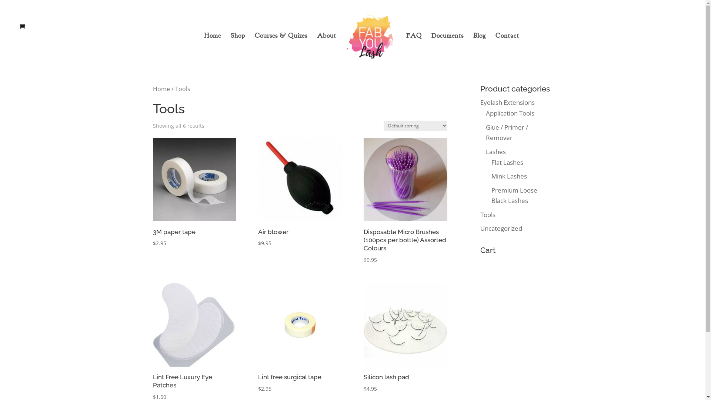 Image resolution: width=711 pixels, height=400 pixels. I want to click on 'Flat Lashes', so click(507, 162).